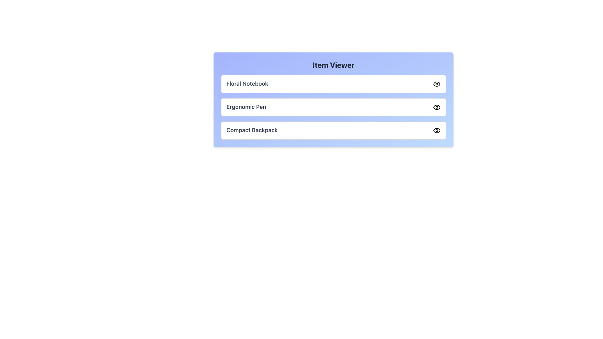 Image resolution: width=603 pixels, height=339 pixels. What do you see at coordinates (437, 107) in the screenshot?
I see `the 'Eye' icon located in the third row, next to 'Ergonomic Pen'` at bounding box center [437, 107].